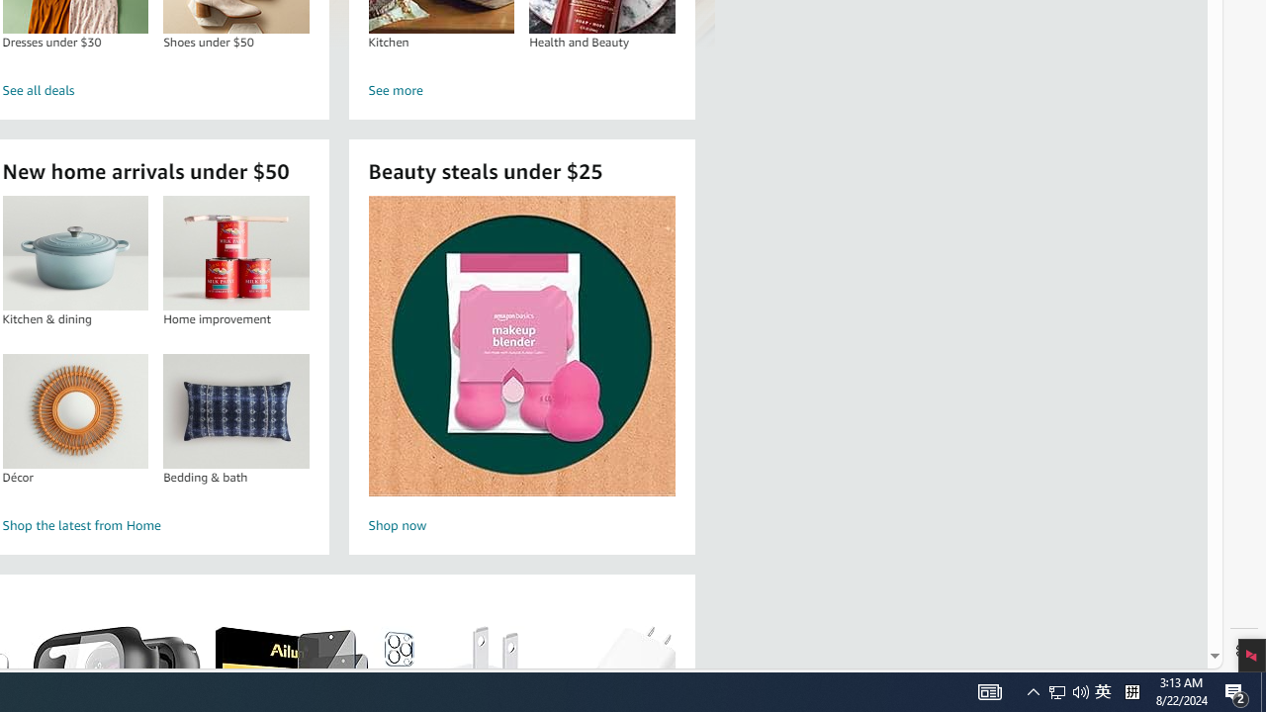 The width and height of the screenshot is (1266, 712). What do you see at coordinates (236, 252) in the screenshot?
I see `'Home improvement'` at bounding box center [236, 252].